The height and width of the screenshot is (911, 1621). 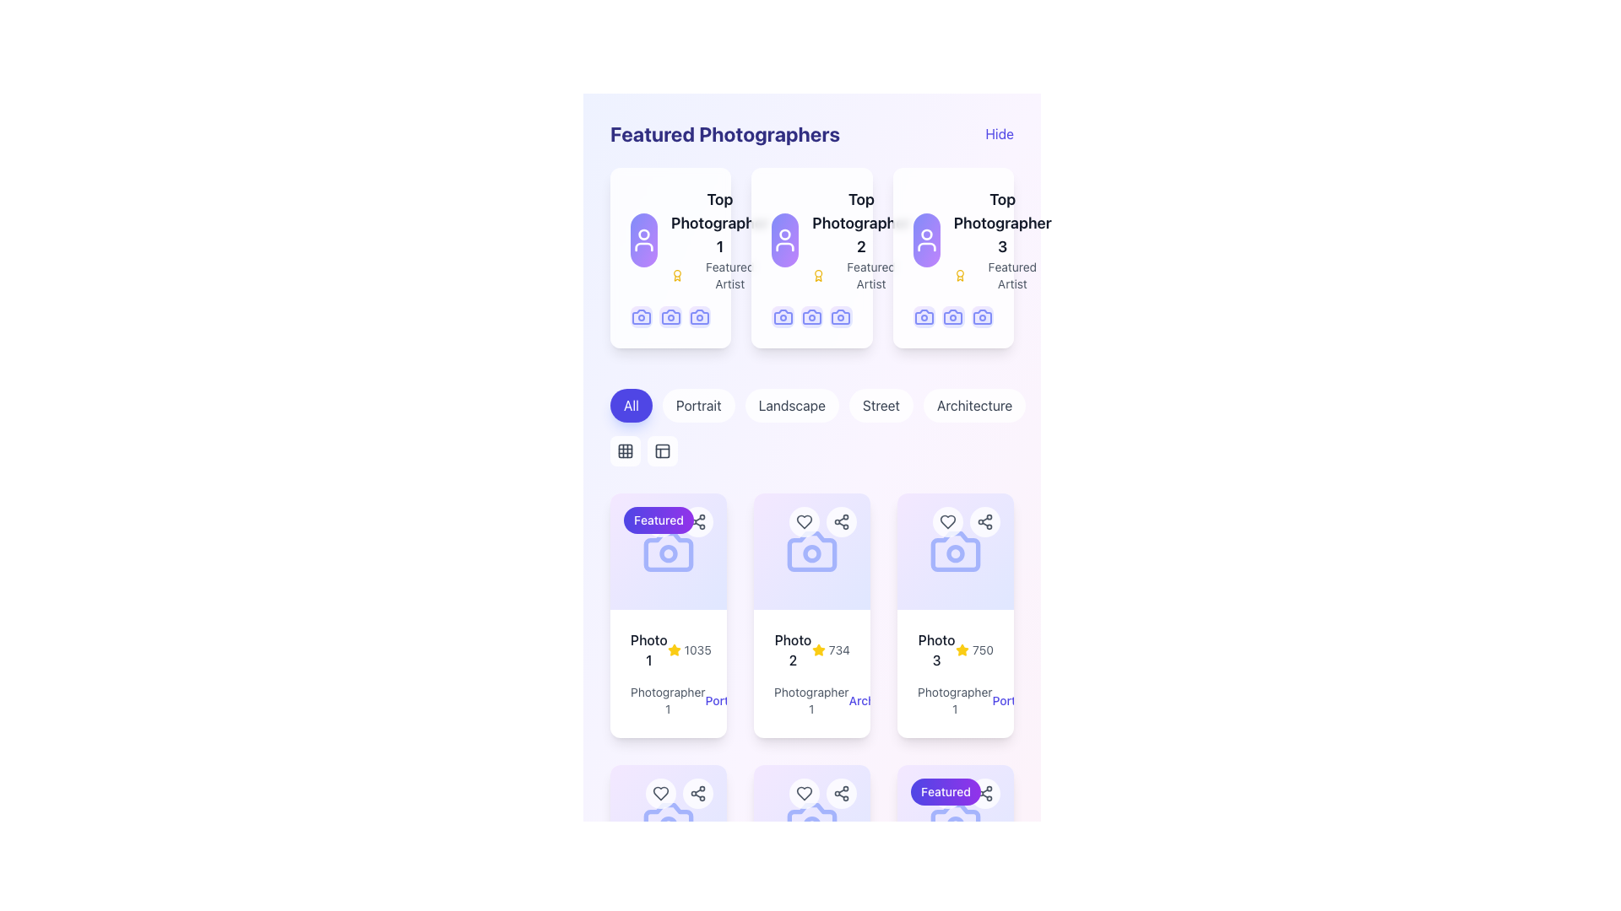 I want to click on the 'Share' icon button, which is represented by three connected circles with lines, located in the upper-right corner of the 'Photo 2' card, so click(x=984, y=520).